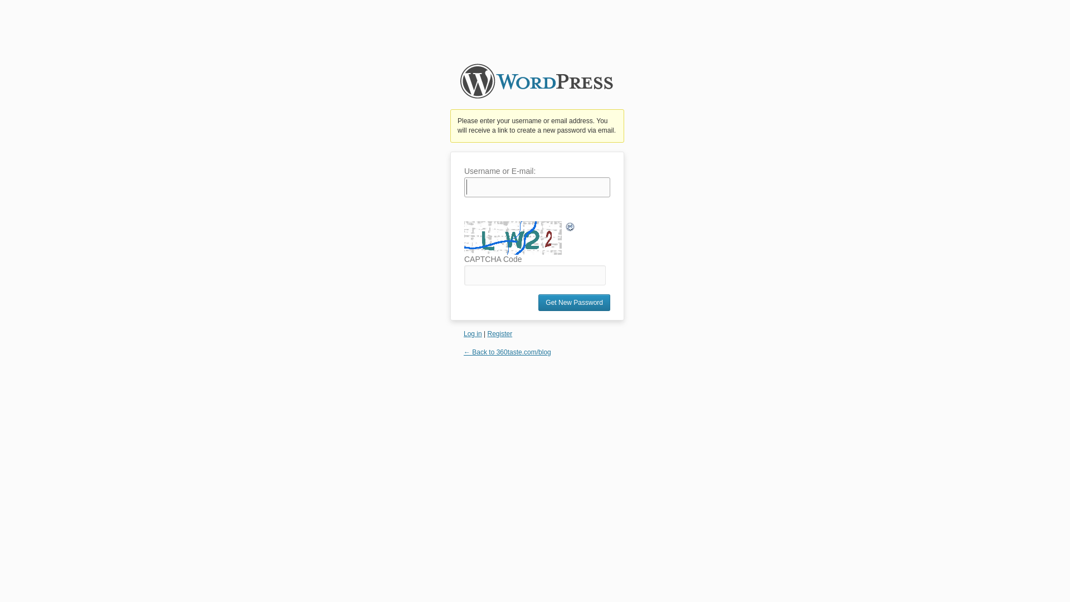 This screenshot has height=602, width=1070. Describe the element at coordinates (574, 303) in the screenshot. I see `'Get New Password'` at that location.